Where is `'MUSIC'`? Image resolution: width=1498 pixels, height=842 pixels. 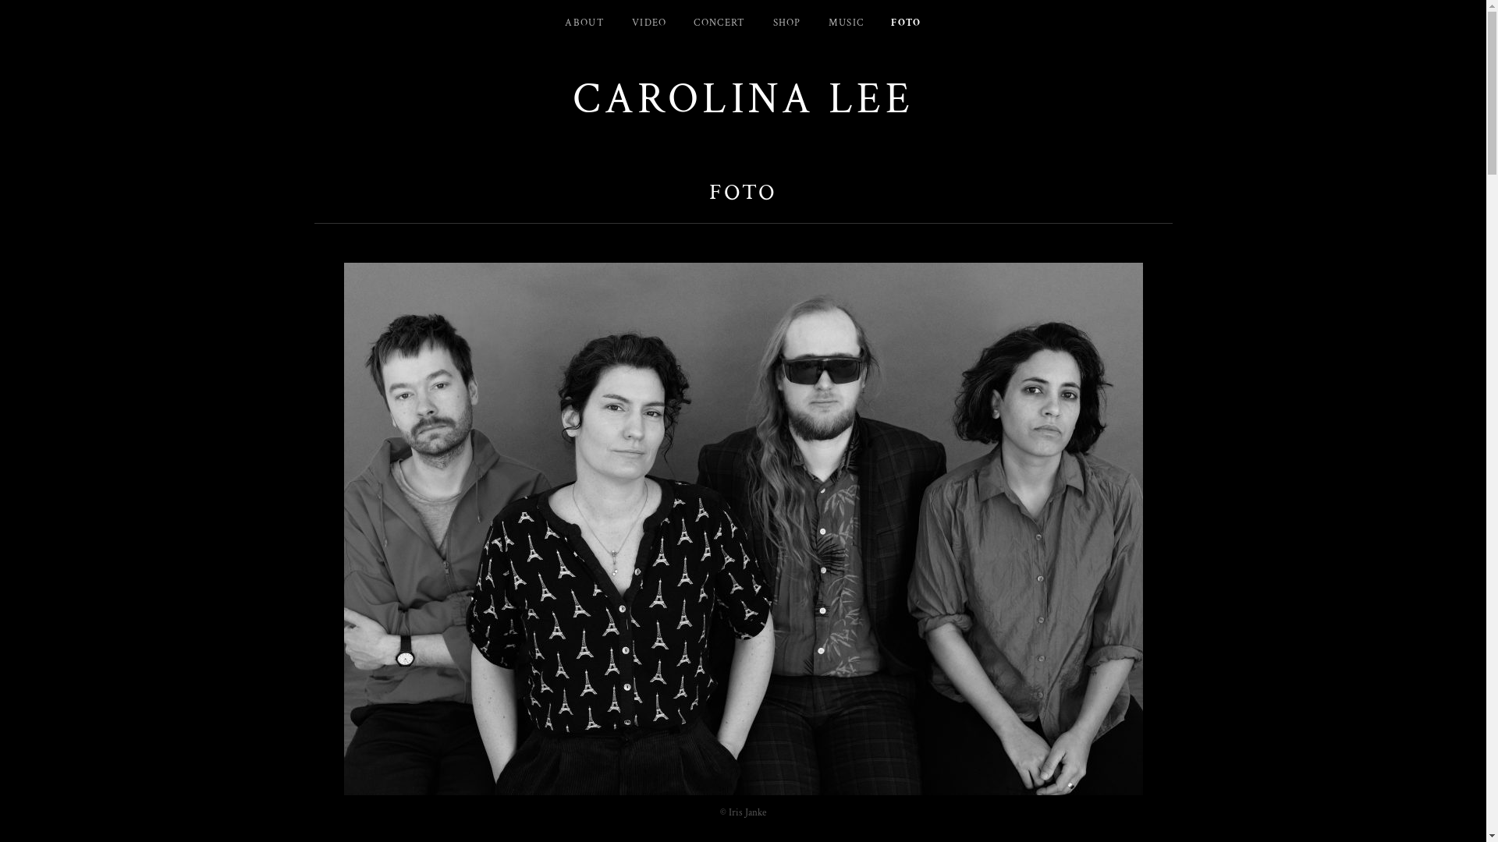
'MUSIC' is located at coordinates (845, 23).